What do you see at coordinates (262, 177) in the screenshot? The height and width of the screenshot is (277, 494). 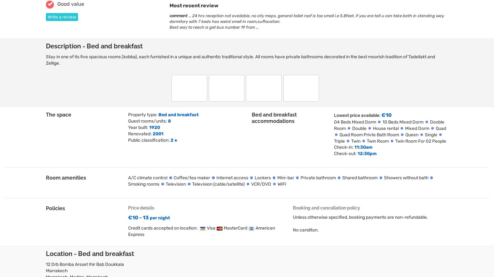 I see `'Lockers'` at bounding box center [262, 177].